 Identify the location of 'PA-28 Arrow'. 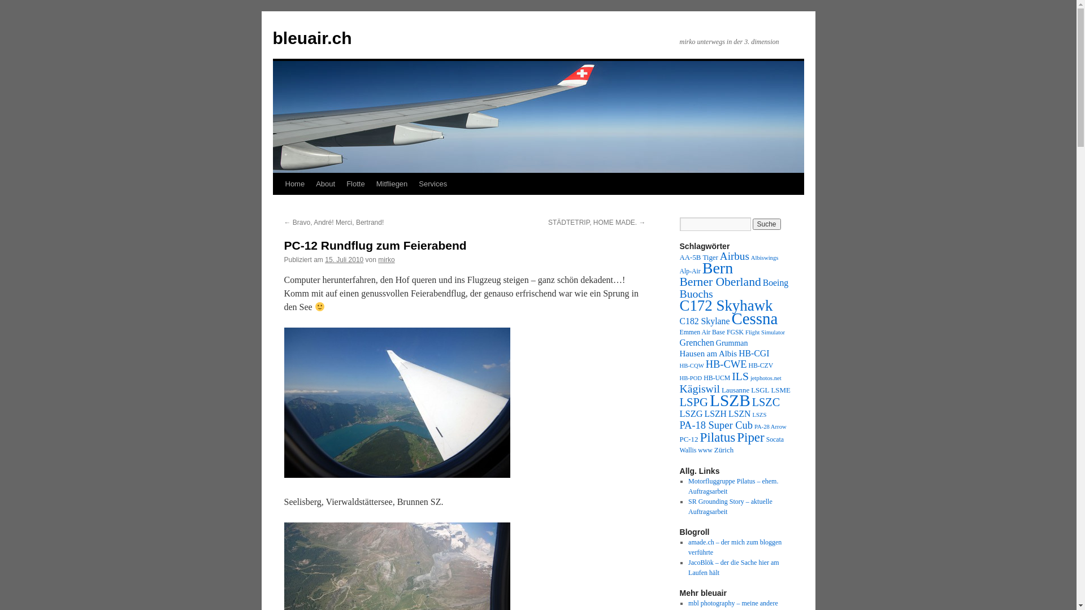
(770, 426).